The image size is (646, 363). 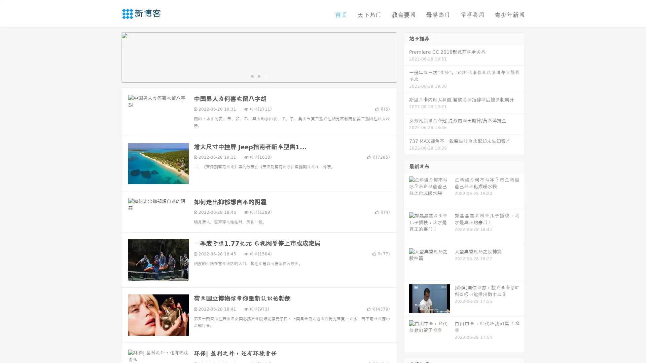 I want to click on Next slide, so click(x=406, y=56).